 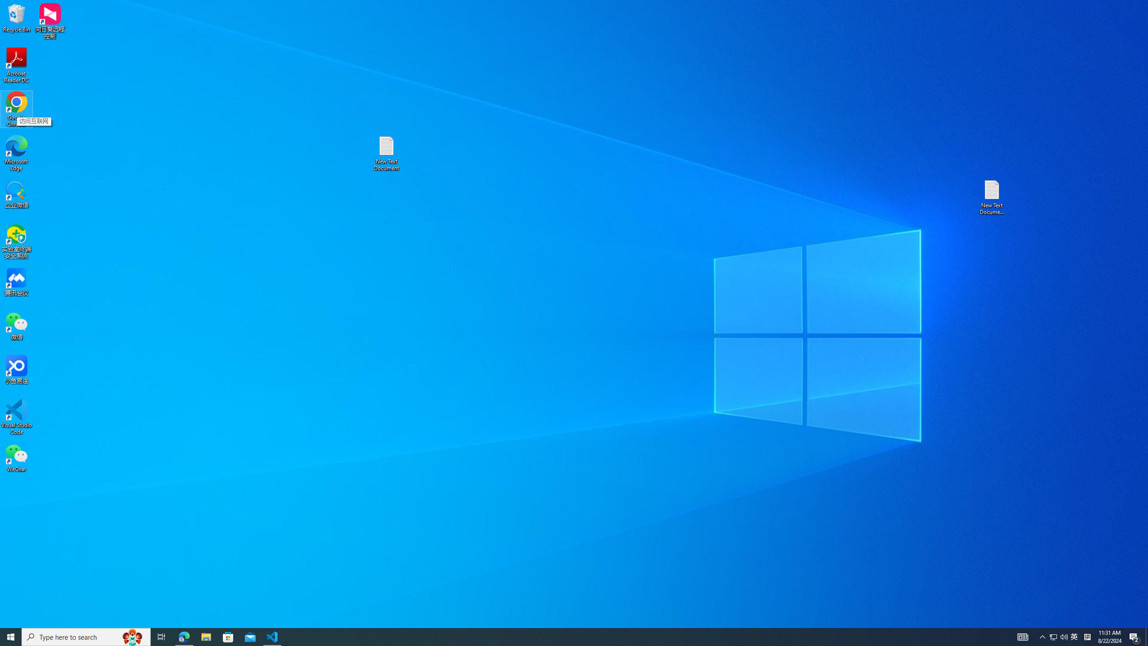 I want to click on 'Notification Chevron', so click(x=1042, y=636).